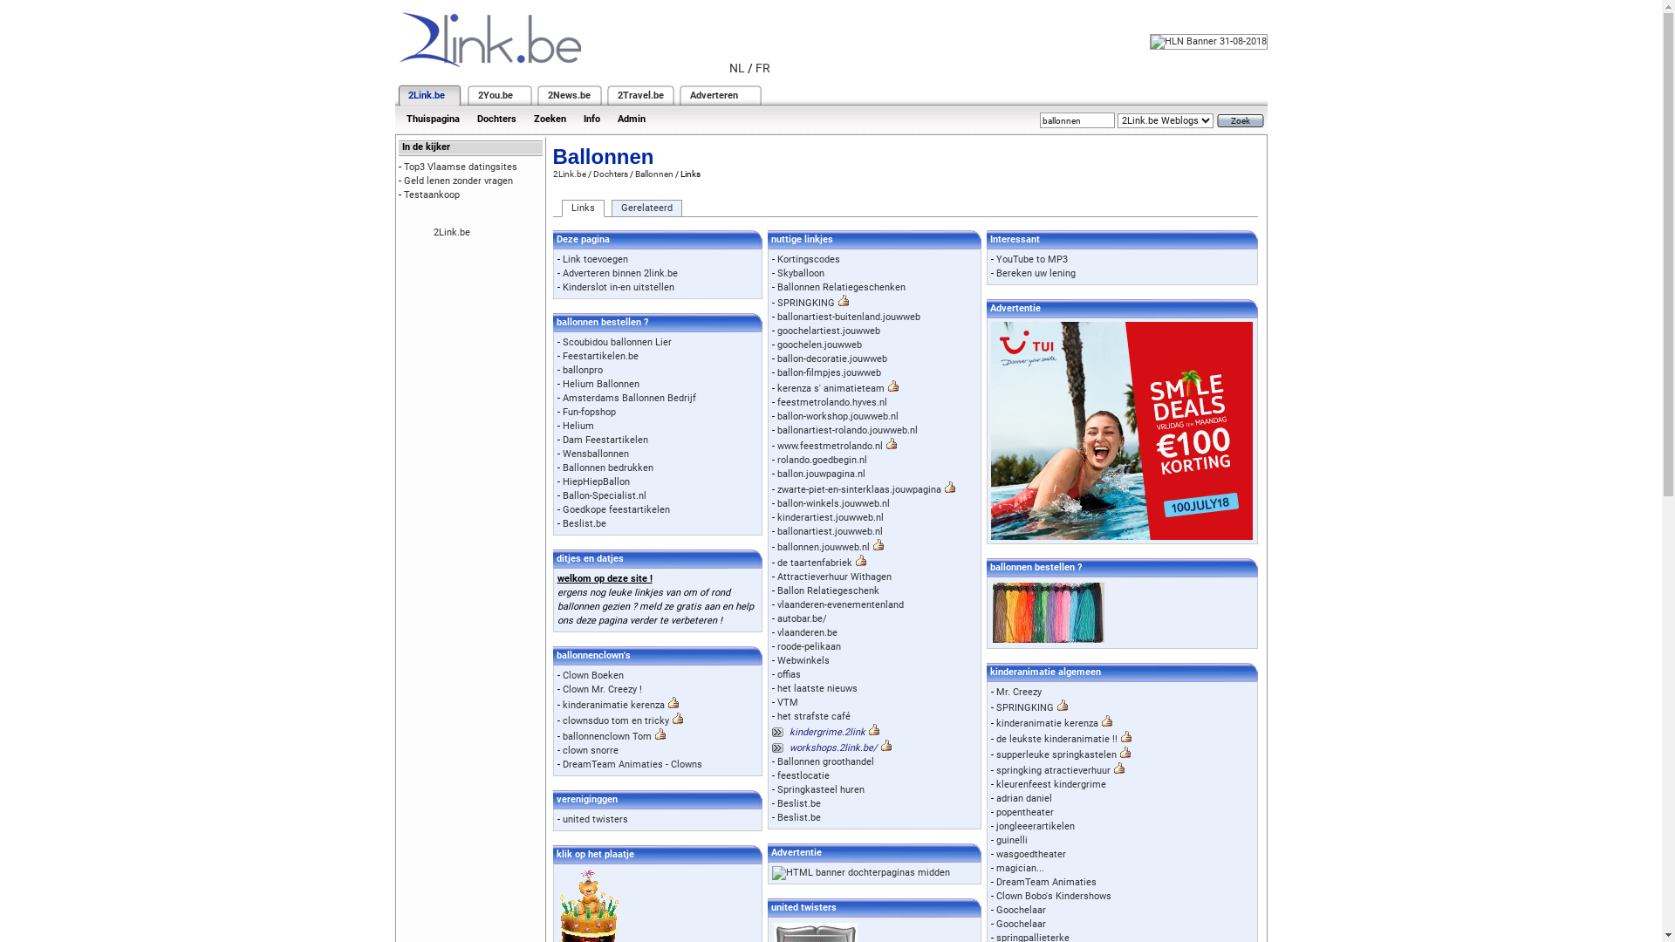 The image size is (1675, 942). Describe the element at coordinates (611, 208) in the screenshot. I see `'Gerelateerd'` at that location.